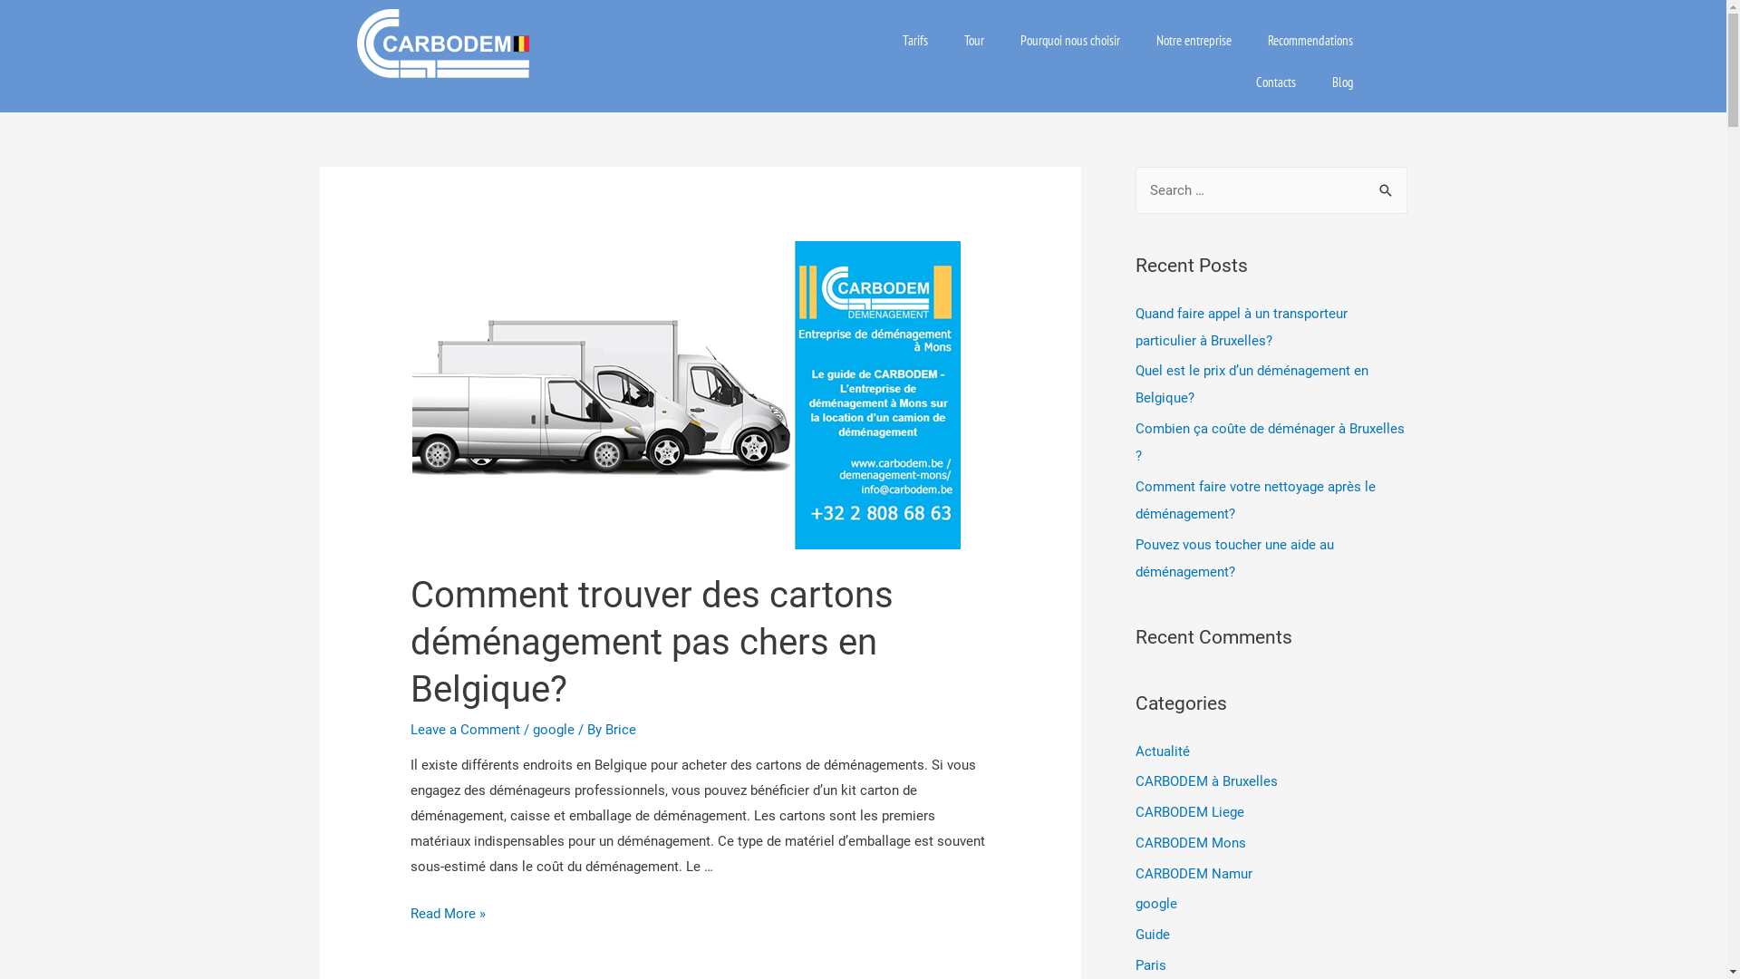  Describe the element at coordinates (1342, 82) in the screenshot. I see `'Blog'` at that location.